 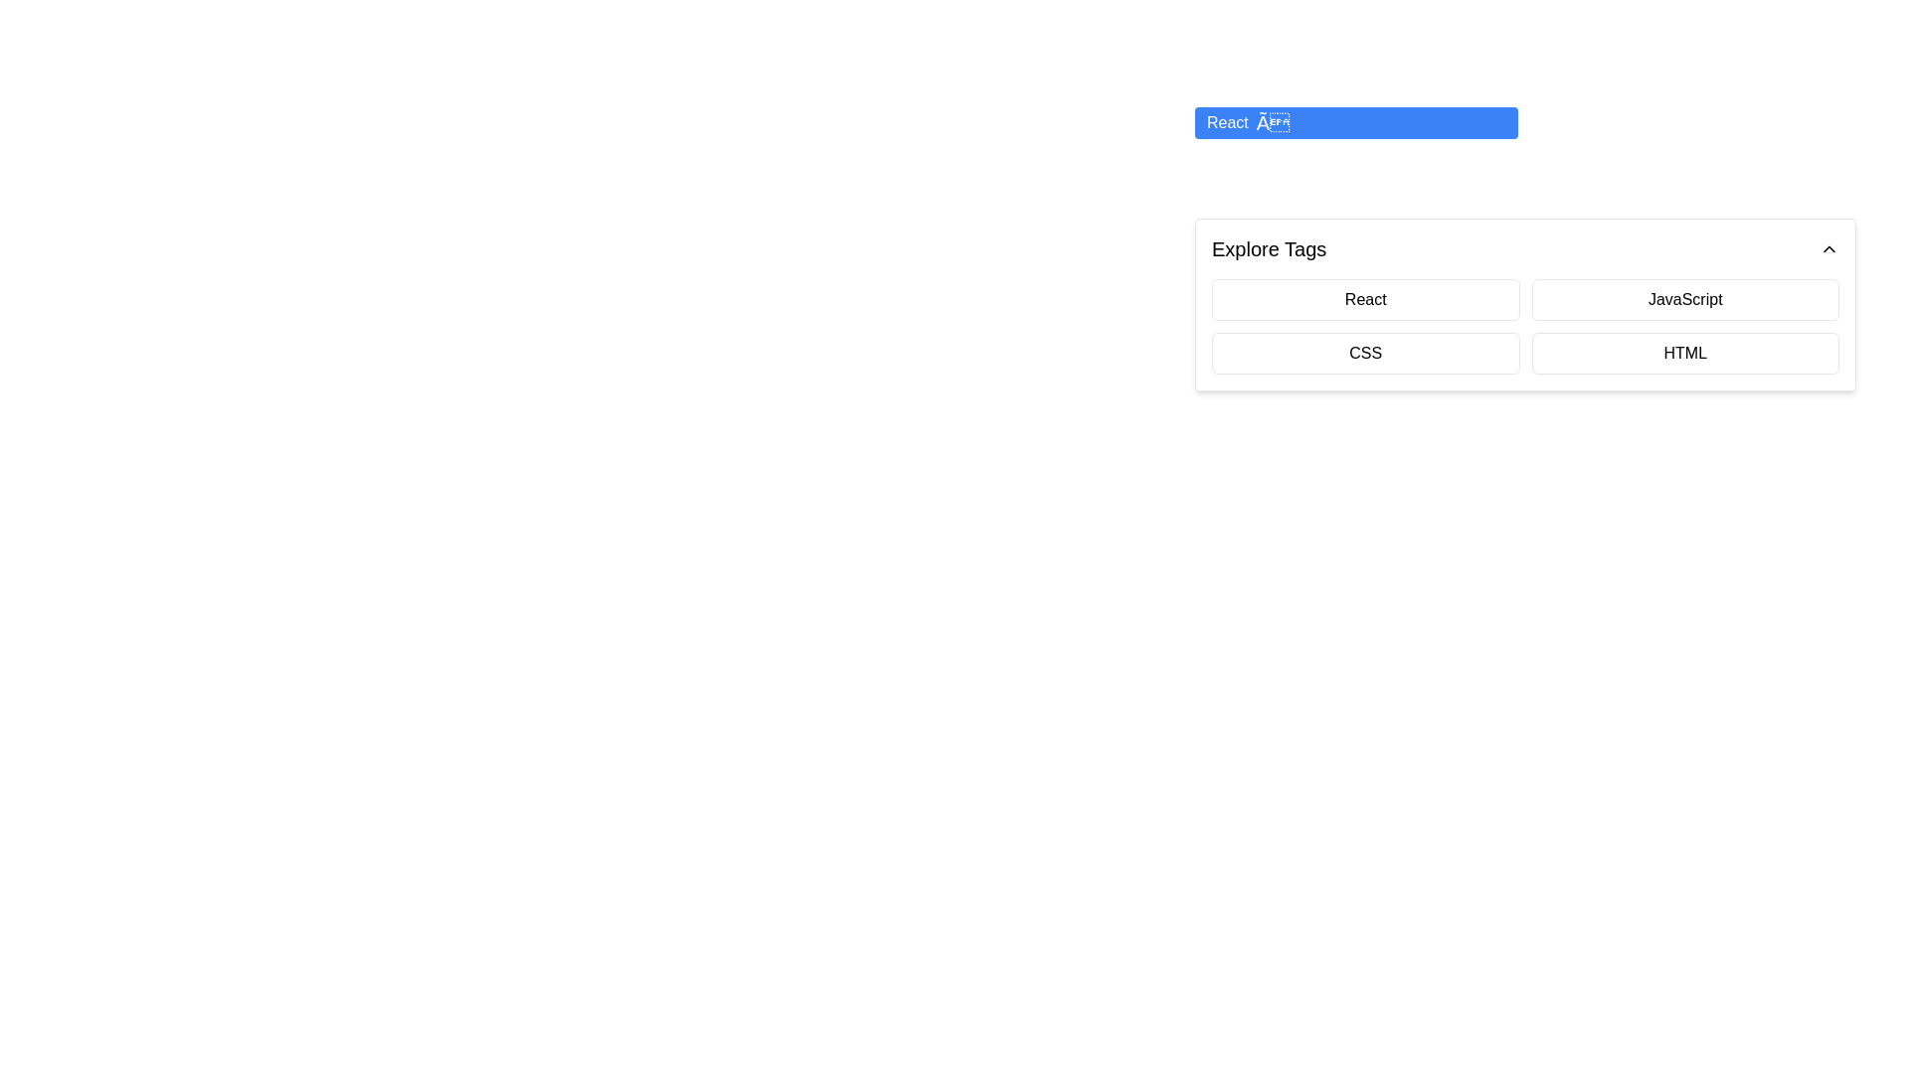 What do you see at coordinates (1364, 299) in the screenshot?
I see `the 'React' selectable tag button located in the top-left corner of the grid under the 'Explore Tags' section` at bounding box center [1364, 299].